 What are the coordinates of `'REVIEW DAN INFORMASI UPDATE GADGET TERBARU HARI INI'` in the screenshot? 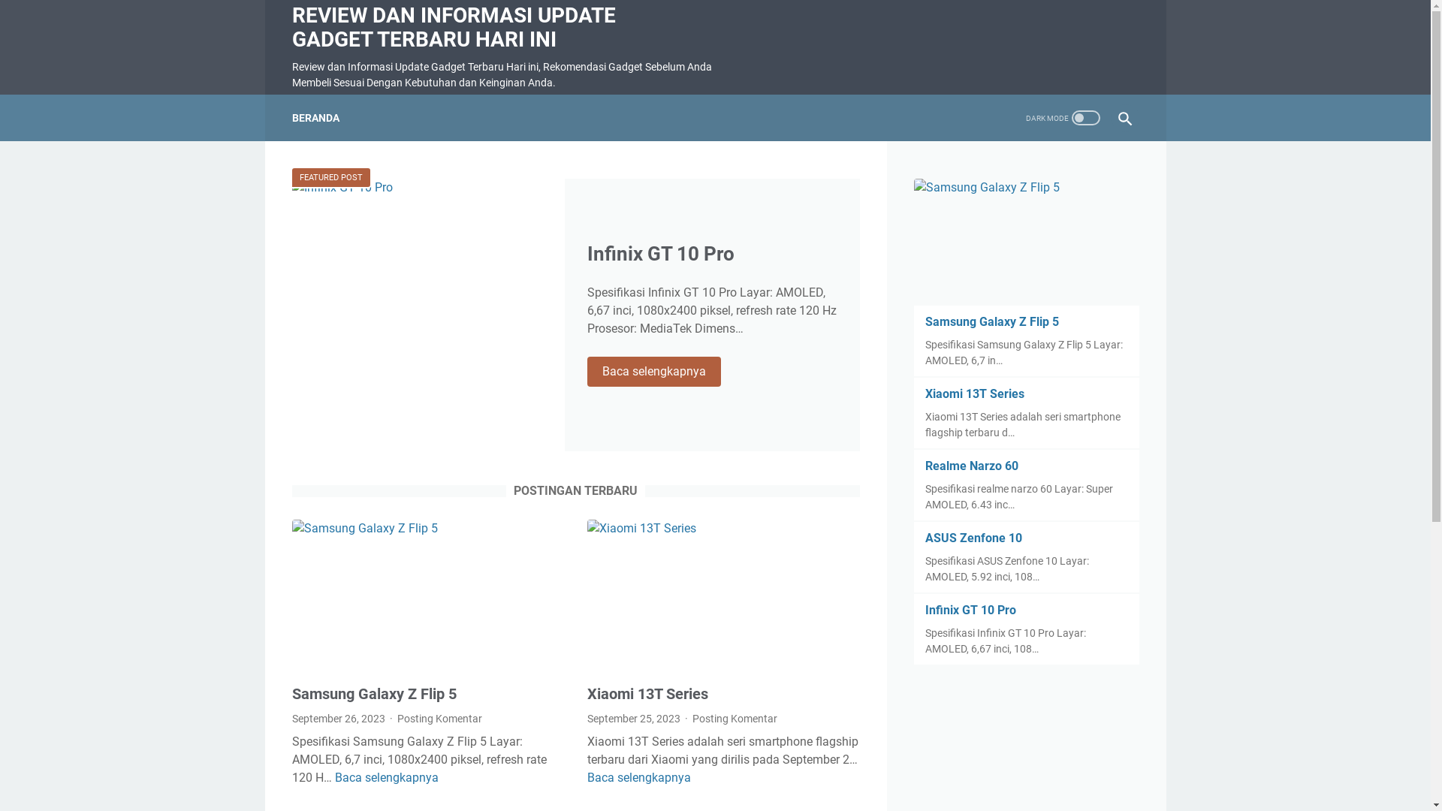 It's located at (452, 27).